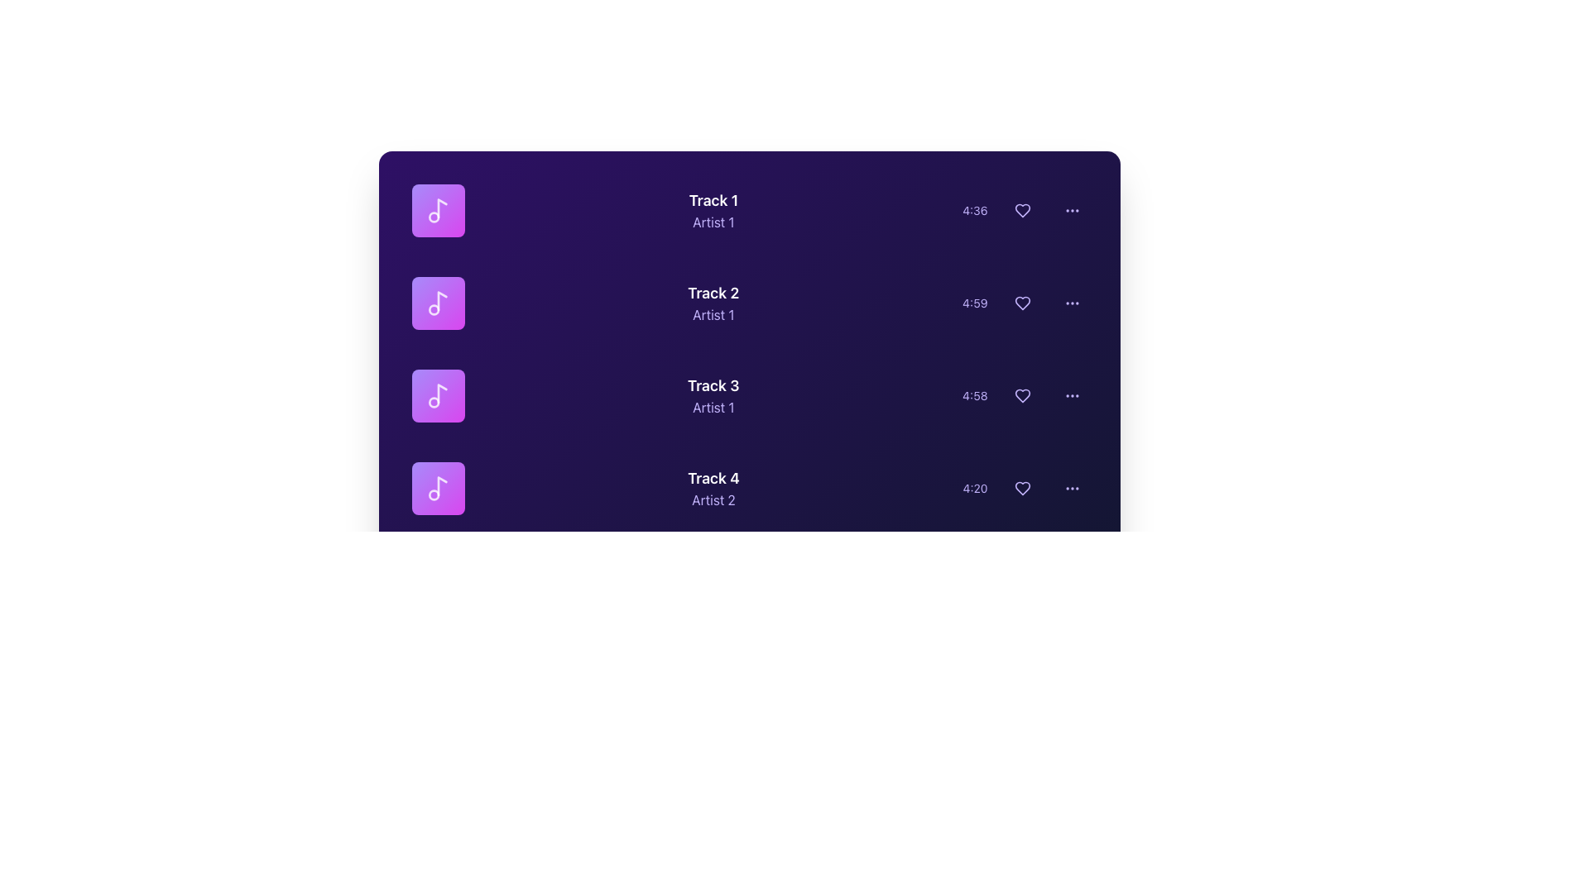 Image resolution: width=1589 pixels, height=893 pixels. I want to click on the violet heart-shaped icon button located in the third slot of the rightmost column for 'Track 2' and 'Artist 1' to like or mark it as favorite, so click(1024, 303).